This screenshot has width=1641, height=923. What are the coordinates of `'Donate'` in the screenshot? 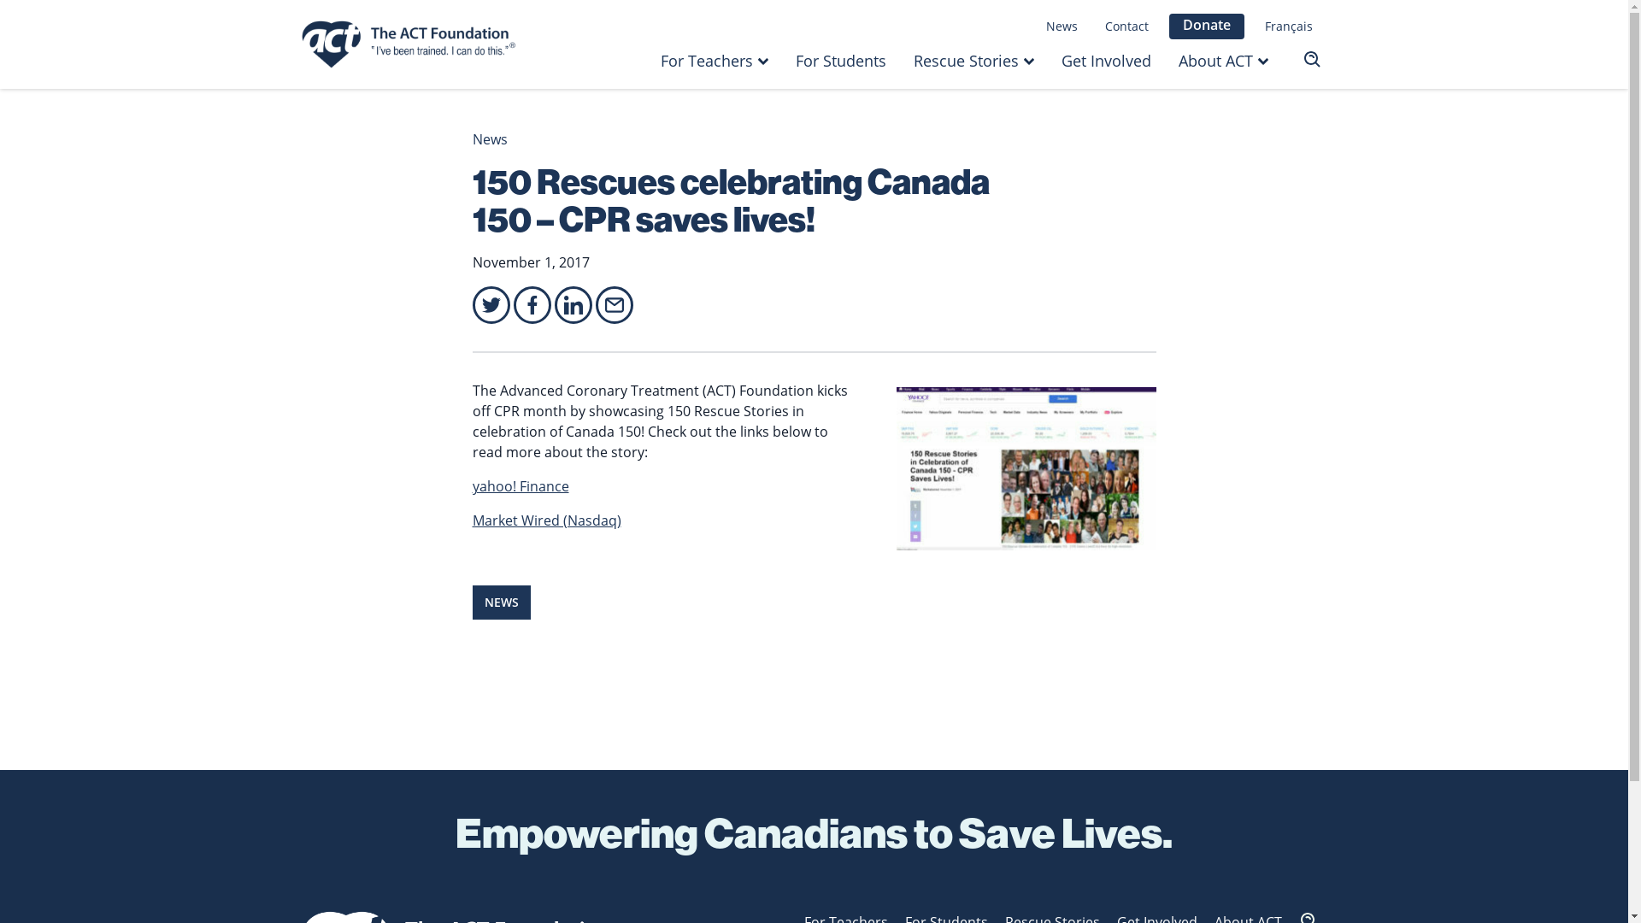 It's located at (1205, 26).